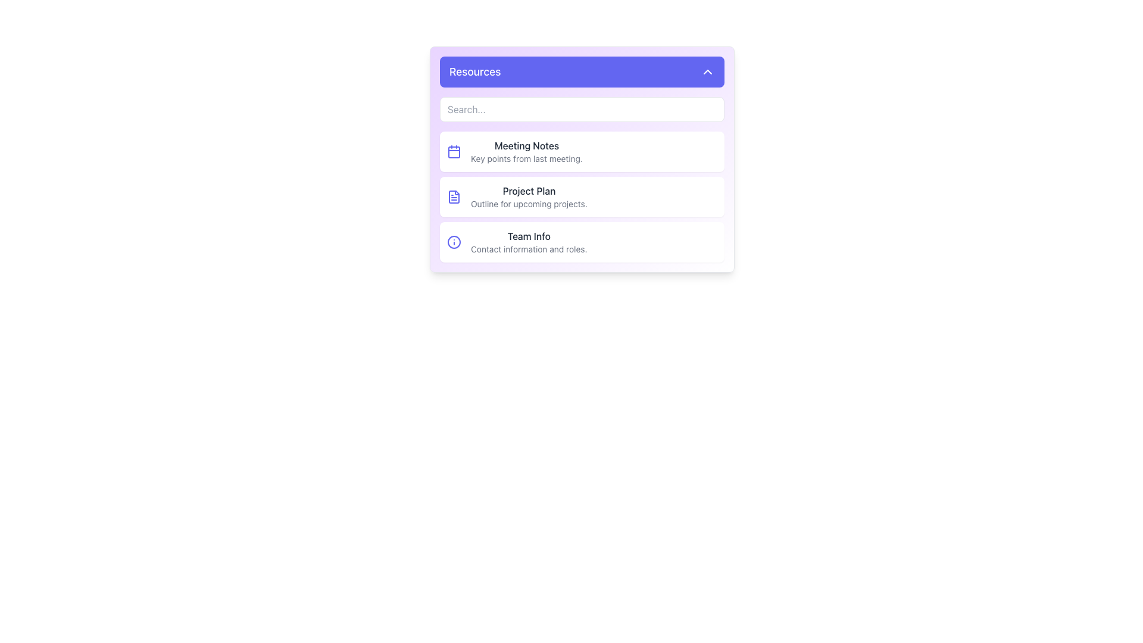 Image resolution: width=1143 pixels, height=643 pixels. I want to click on the distinct purple circular icon located at the leftmost position within the 'Team Info' card to interact with it, so click(454, 242).